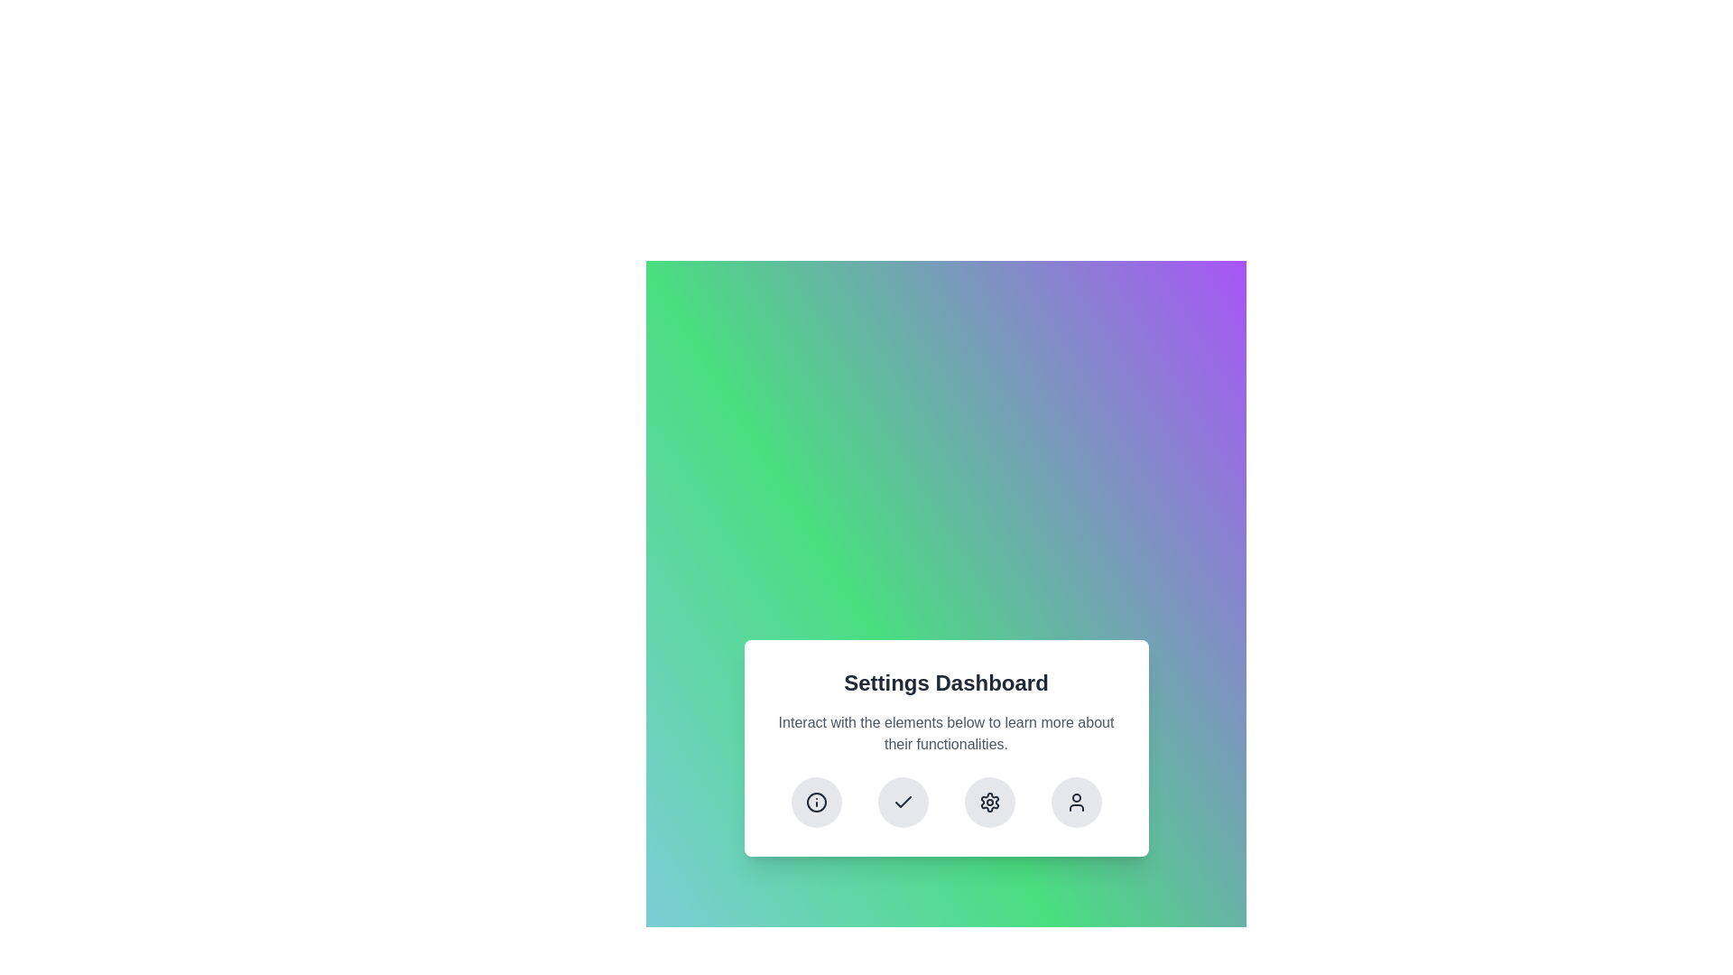 This screenshot has width=1733, height=975. What do you see at coordinates (945, 748) in the screenshot?
I see `the Card layout component which is a white rectangular card with rounded corners and containing a title, subtitle, and four circular icons at the bottom` at bounding box center [945, 748].